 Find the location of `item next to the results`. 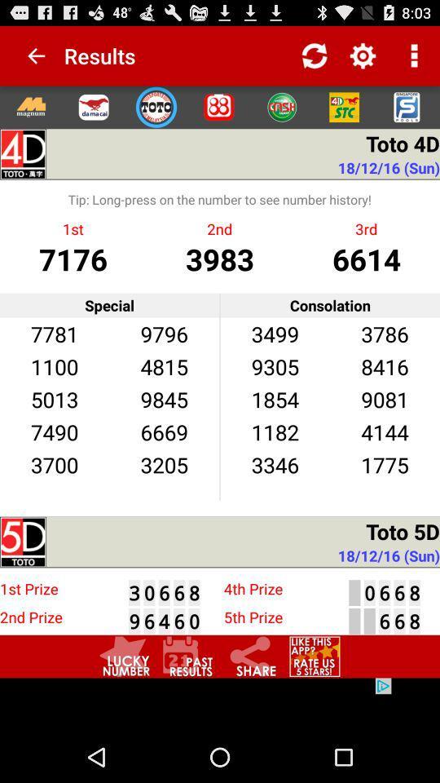

item next to the results is located at coordinates (29, 55).